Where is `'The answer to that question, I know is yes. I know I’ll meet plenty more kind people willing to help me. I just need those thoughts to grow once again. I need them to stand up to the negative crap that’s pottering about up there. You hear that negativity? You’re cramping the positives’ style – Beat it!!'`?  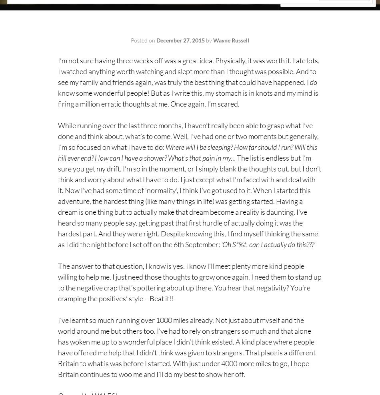
'The answer to that question, I know is yes. I know I’ll meet plenty more kind people willing to help me. I just need those thoughts to grow once again. I need them to stand up to the negative crap that’s pottering about up there. You hear that negativity? You’re cramping the positives’ style – Beat it!!' is located at coordinates (189, 282).